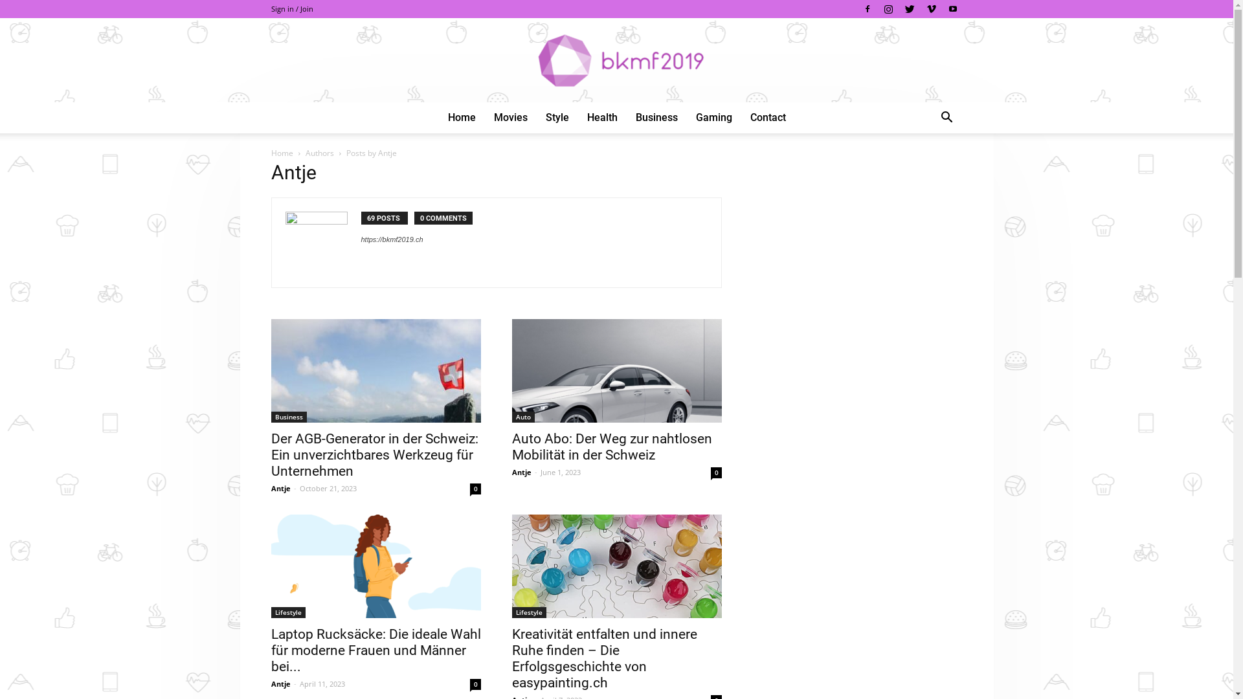 The image size is (1243, 699). Describe the element at coordinates (656, 117) in the screenshot. I see `'Business'` at that location.